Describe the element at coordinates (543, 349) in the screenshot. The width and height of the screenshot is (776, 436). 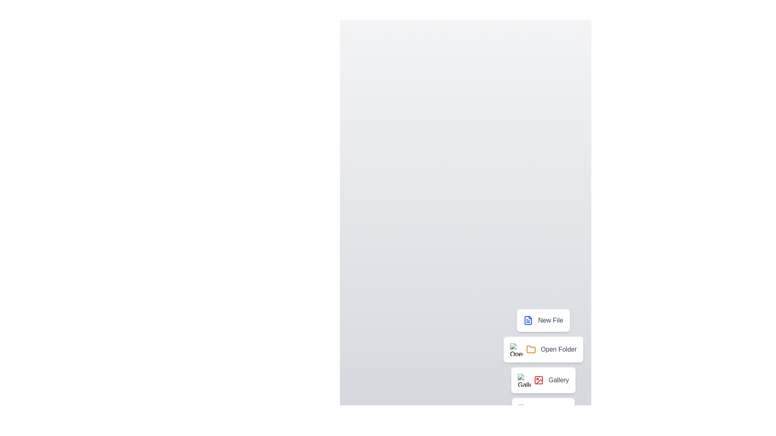
I see `the action item Open Folder from the speed dial menu` at that location.